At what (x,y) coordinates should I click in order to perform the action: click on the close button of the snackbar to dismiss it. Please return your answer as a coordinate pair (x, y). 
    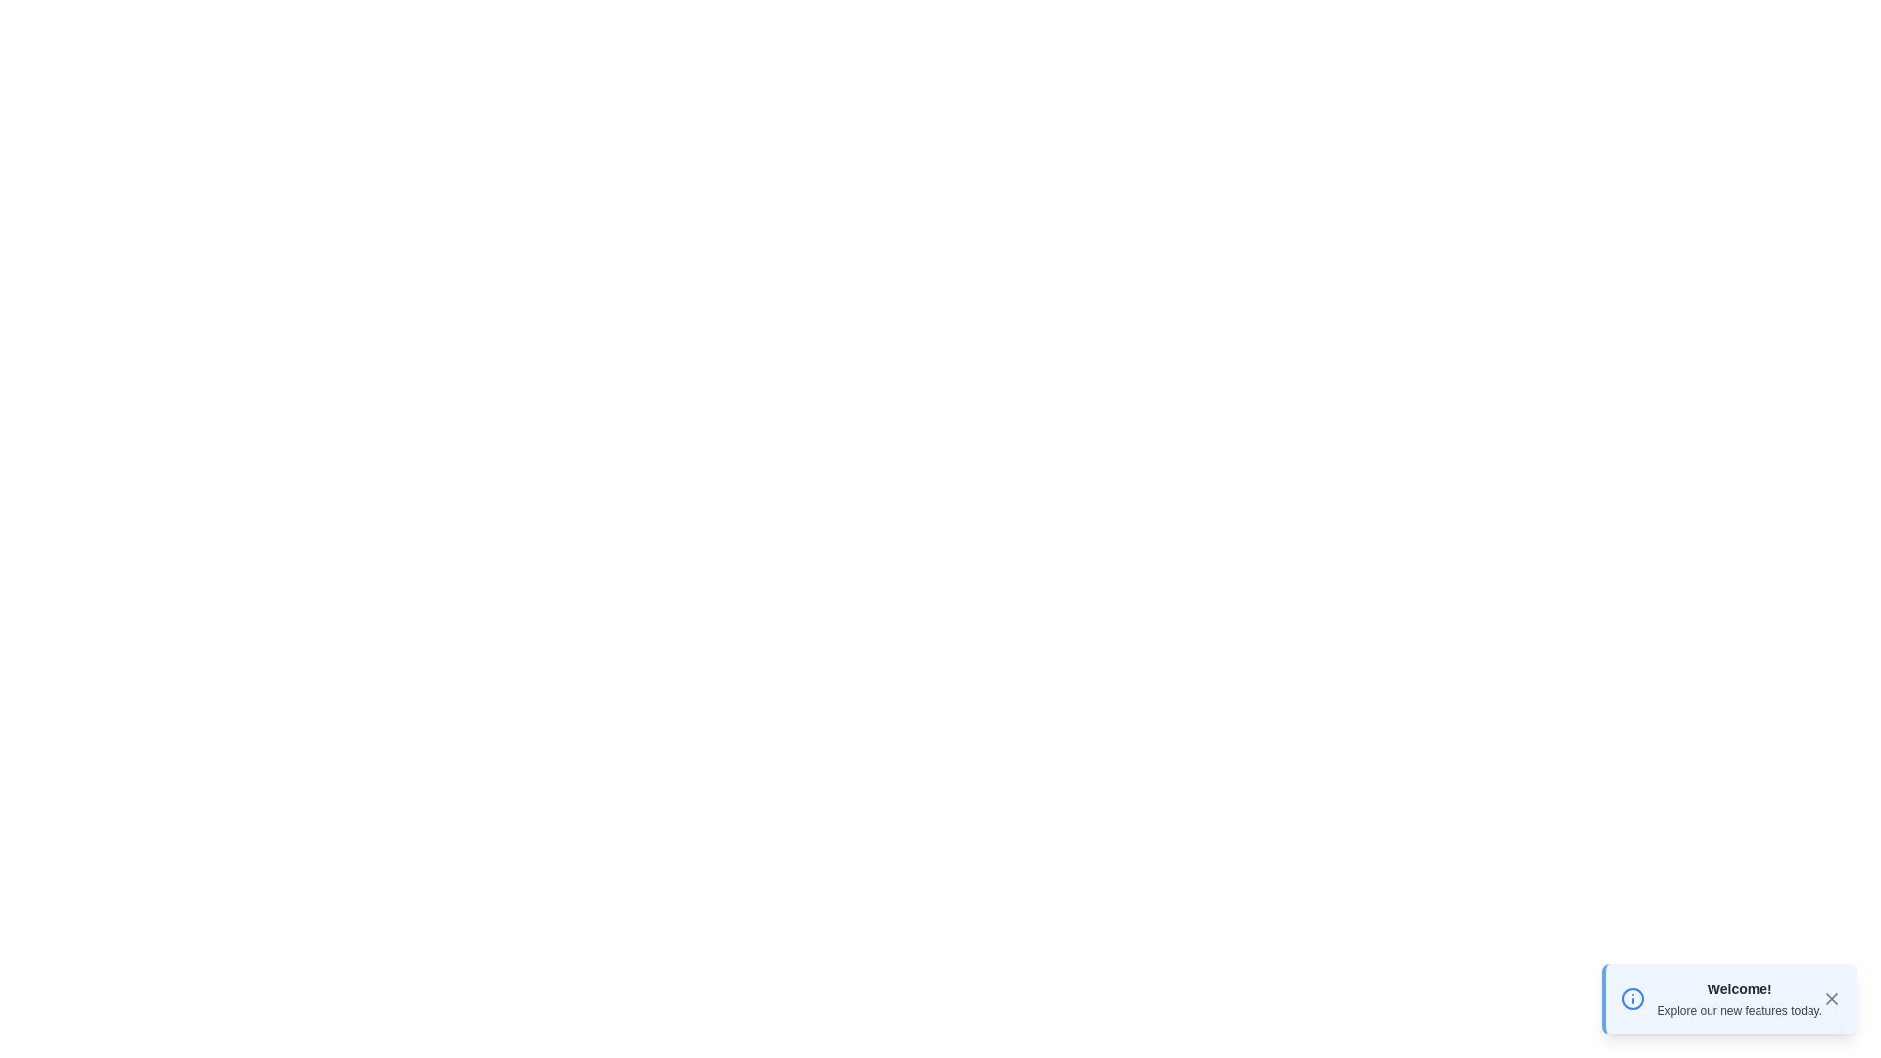
    Looking at the image, I should click on (1831, 998).